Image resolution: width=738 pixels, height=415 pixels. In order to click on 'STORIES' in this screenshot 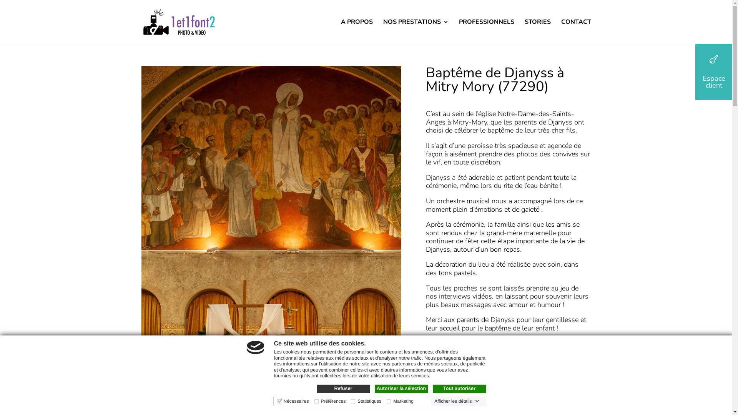, I will do `click(537, 31)`.